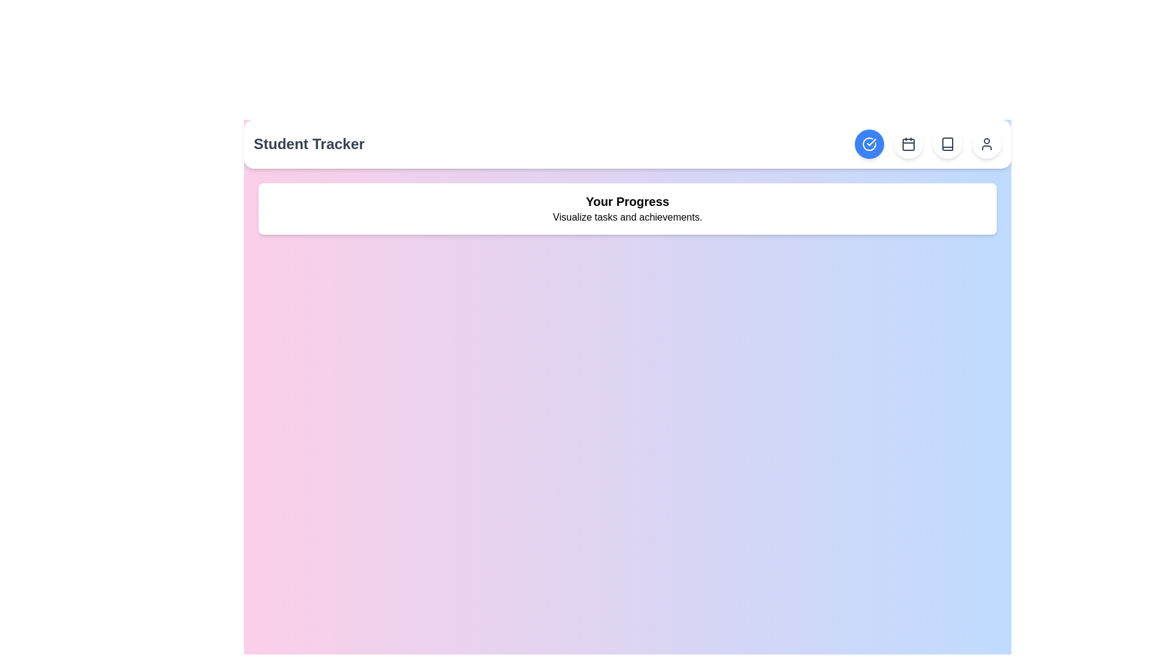 This screenshot has height=660, width=1174. Describe the element at coordinates (909, 143) in the screenshot. I see `the calendar icon located in the top-right section of the interface, which is the second icon from the left in a circular button` at that location.